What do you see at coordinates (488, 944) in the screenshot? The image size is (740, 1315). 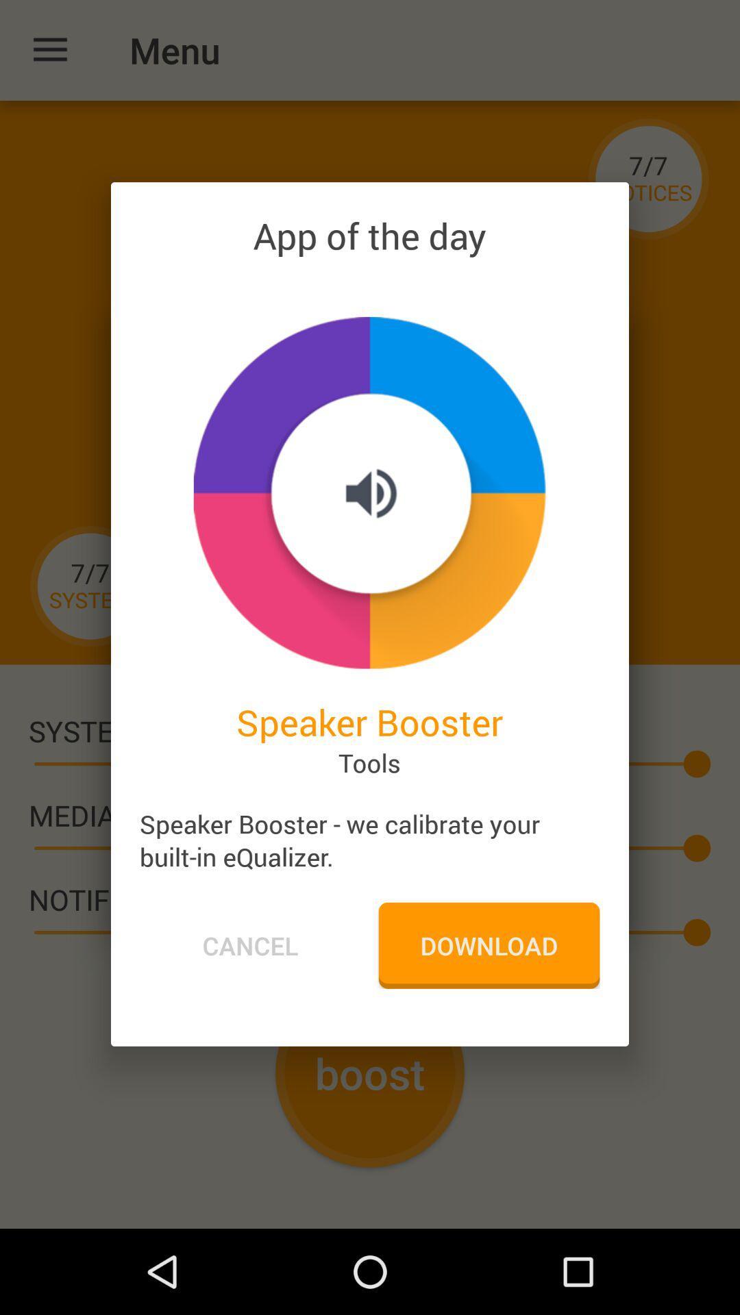 I see `download icon` at bounding box center [488, 944].